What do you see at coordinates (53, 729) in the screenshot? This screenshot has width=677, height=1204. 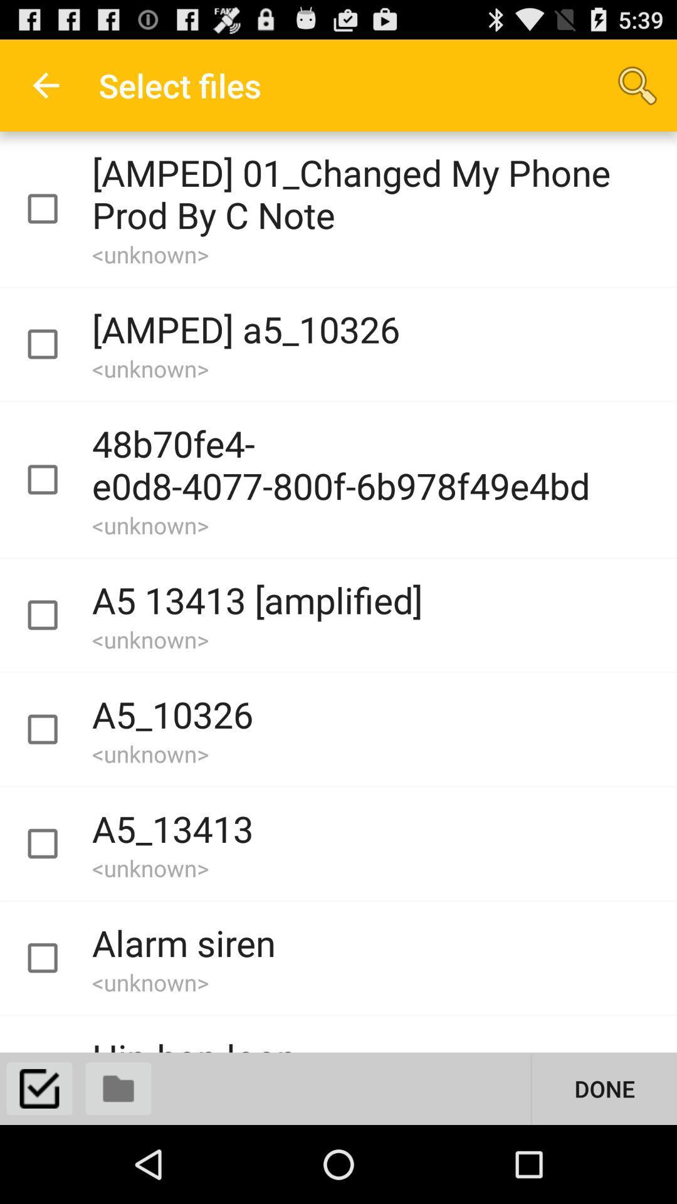 I see `file to amplify` at bounding box center [53, 729].